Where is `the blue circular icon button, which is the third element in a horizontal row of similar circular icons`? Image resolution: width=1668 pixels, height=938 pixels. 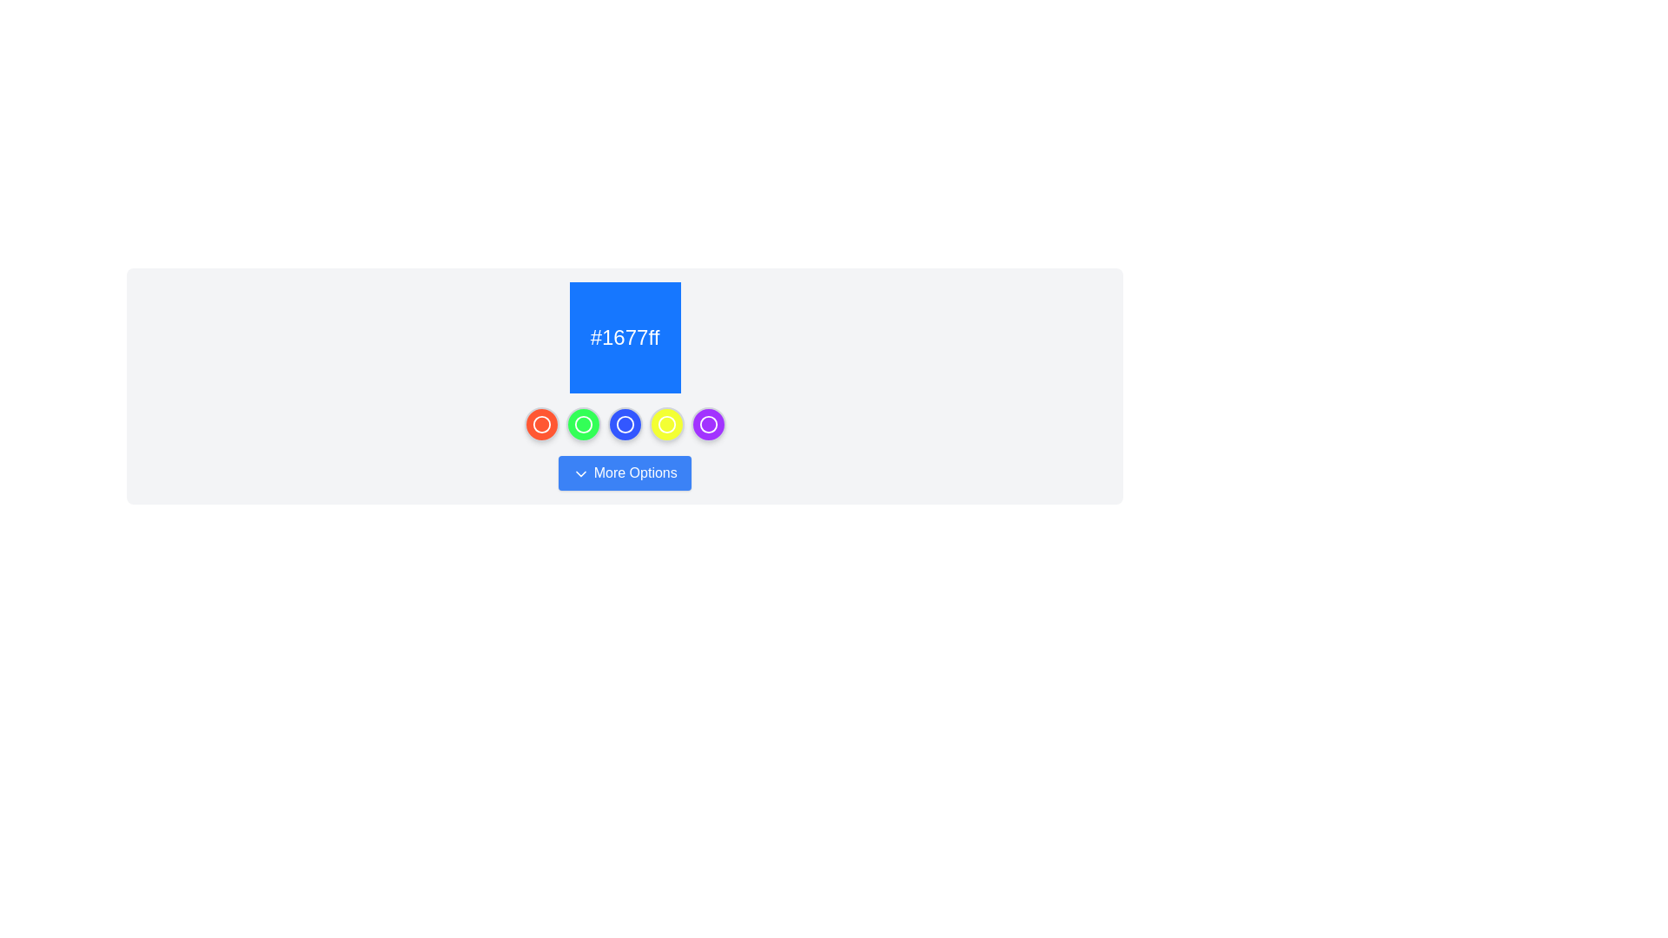
the blue circular icon button, which is the third element in a horizontal row of similar circular icons is located at coordinates (625, 425).